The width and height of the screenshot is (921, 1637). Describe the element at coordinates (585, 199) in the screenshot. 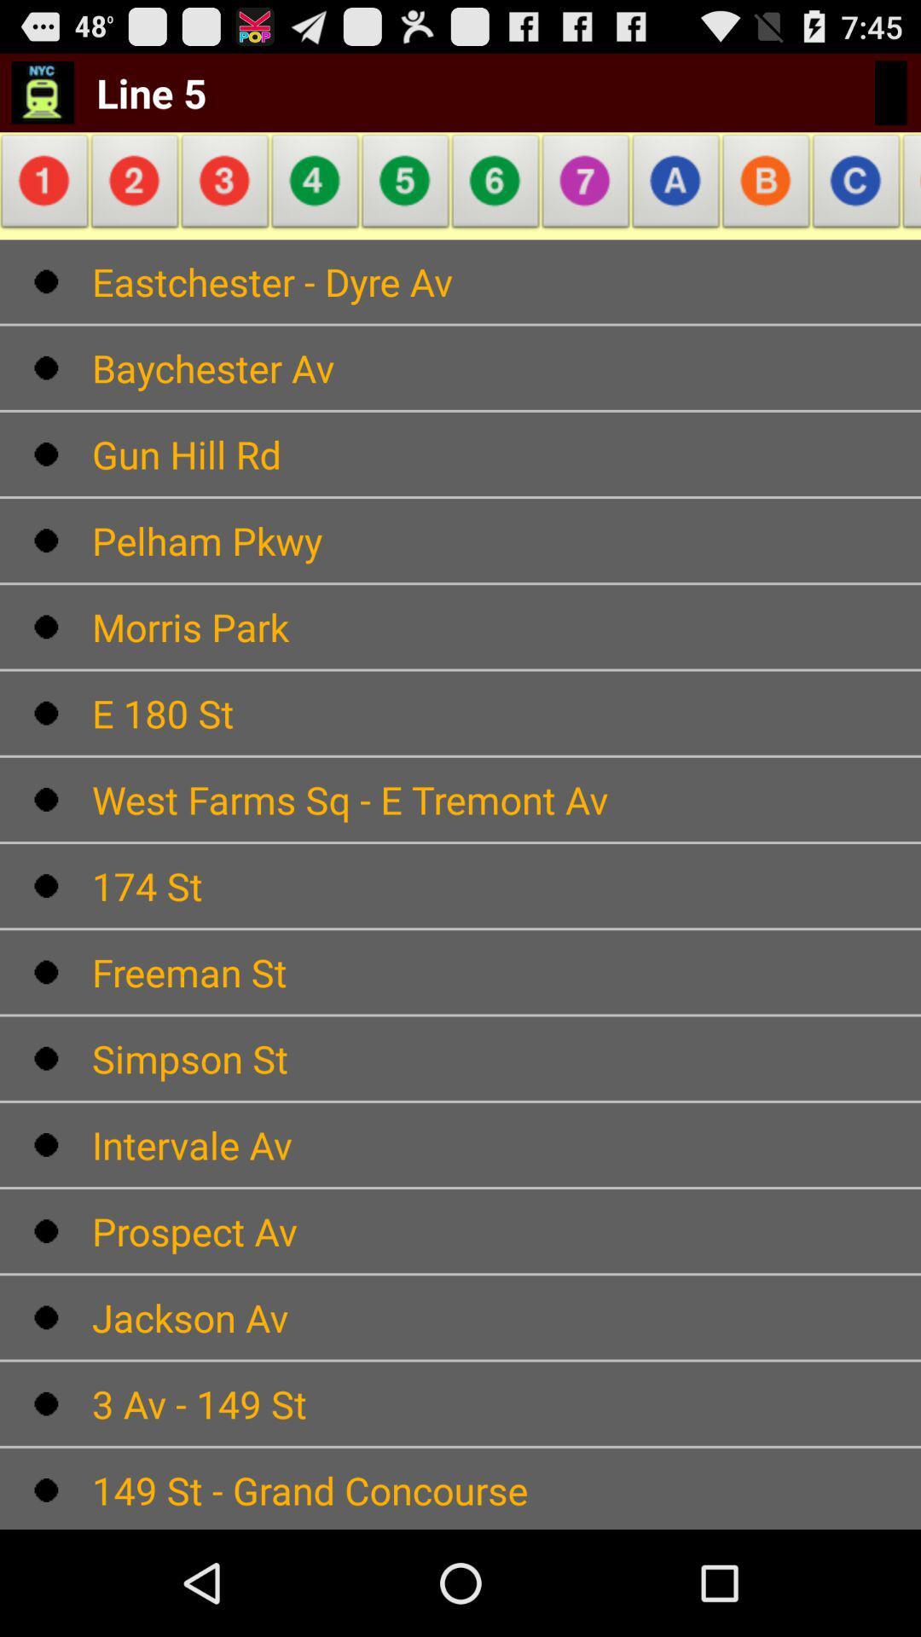

I see `the help icon` at that location.